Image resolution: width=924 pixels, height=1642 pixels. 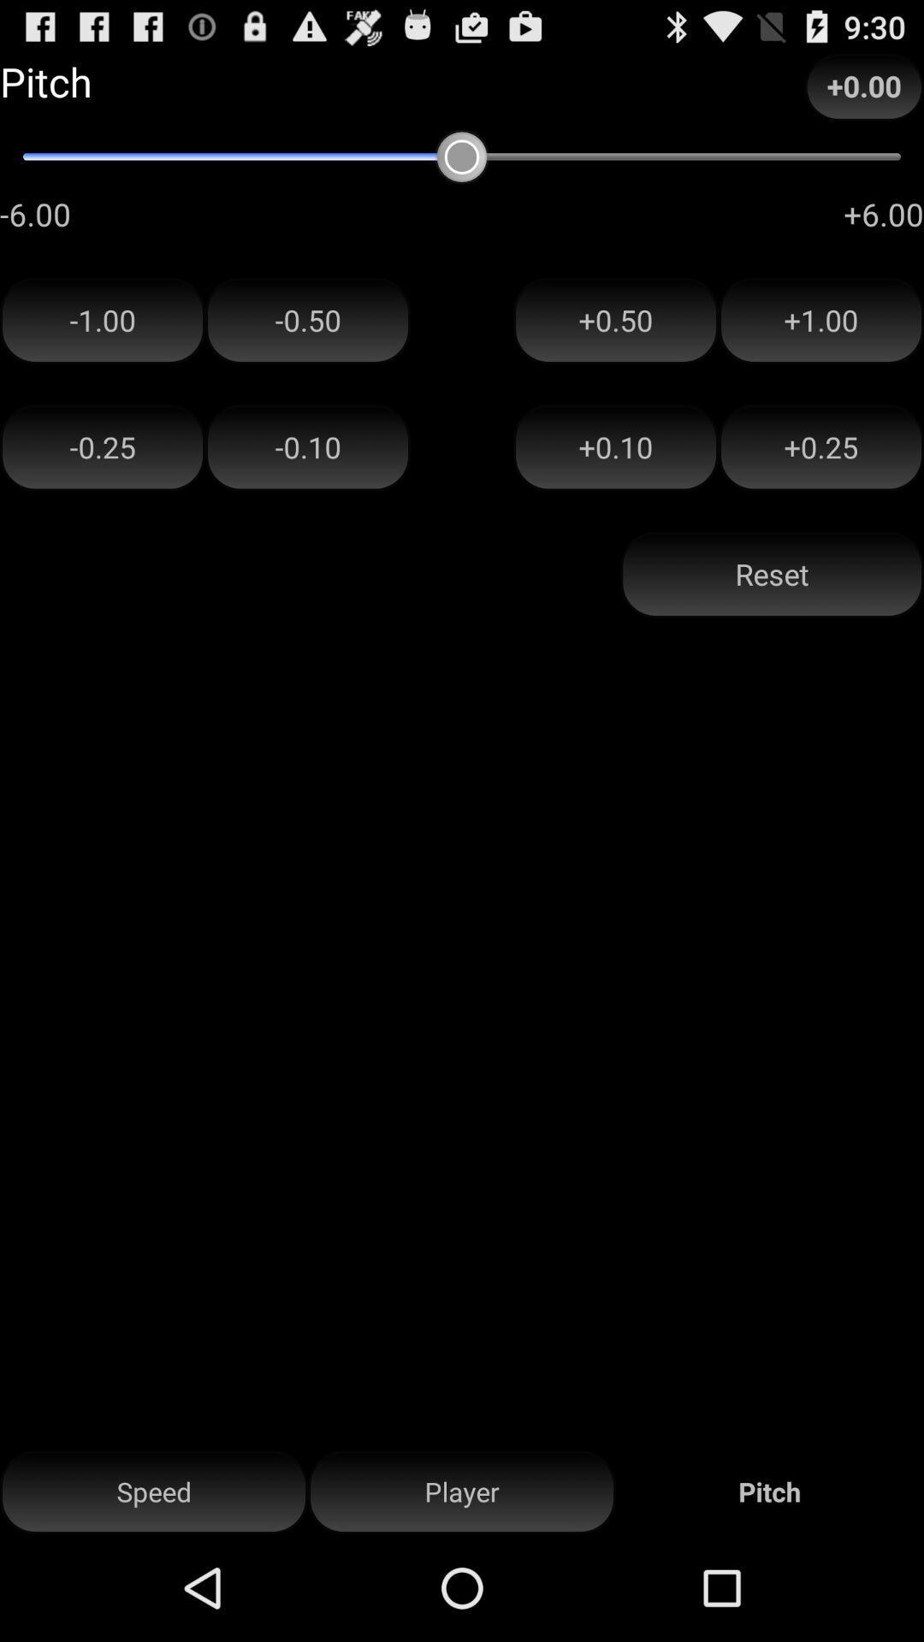 I want to click on button below the reset button, so click(x=462, y=1491).